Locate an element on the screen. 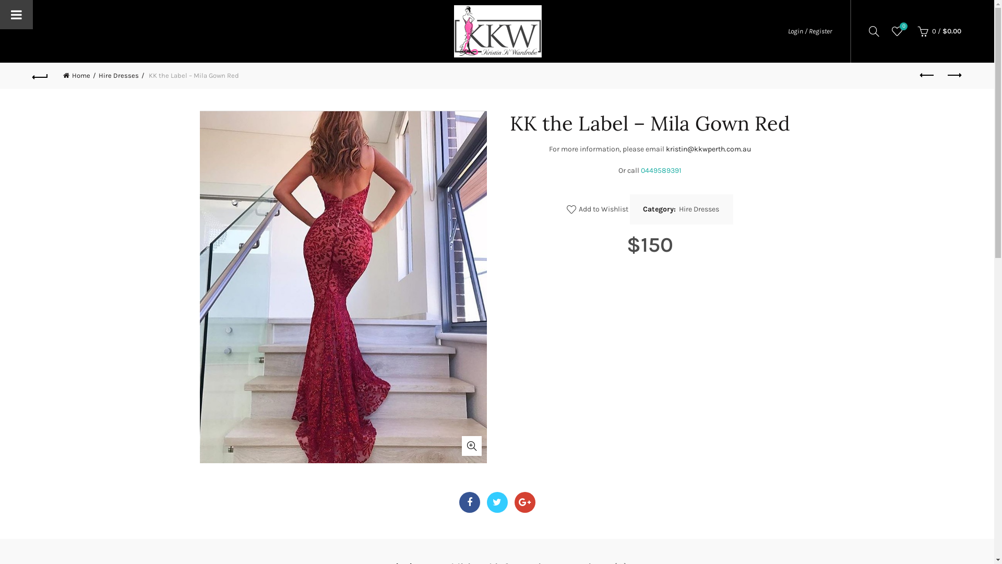 The image size is (1002, 564). 'kristin@kkwperth.com.au' is located at coordinates (708, 149).